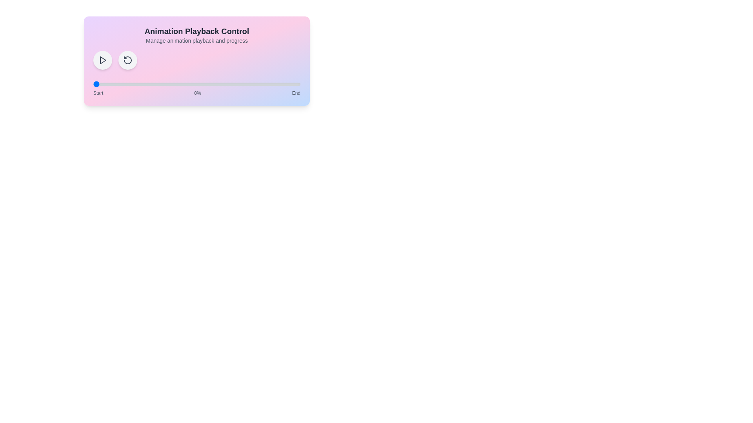  Describe the element at coordinates (101, 84) in the screenshot. I see `the animation progress to 4% by interacting with the range slider` at that location.